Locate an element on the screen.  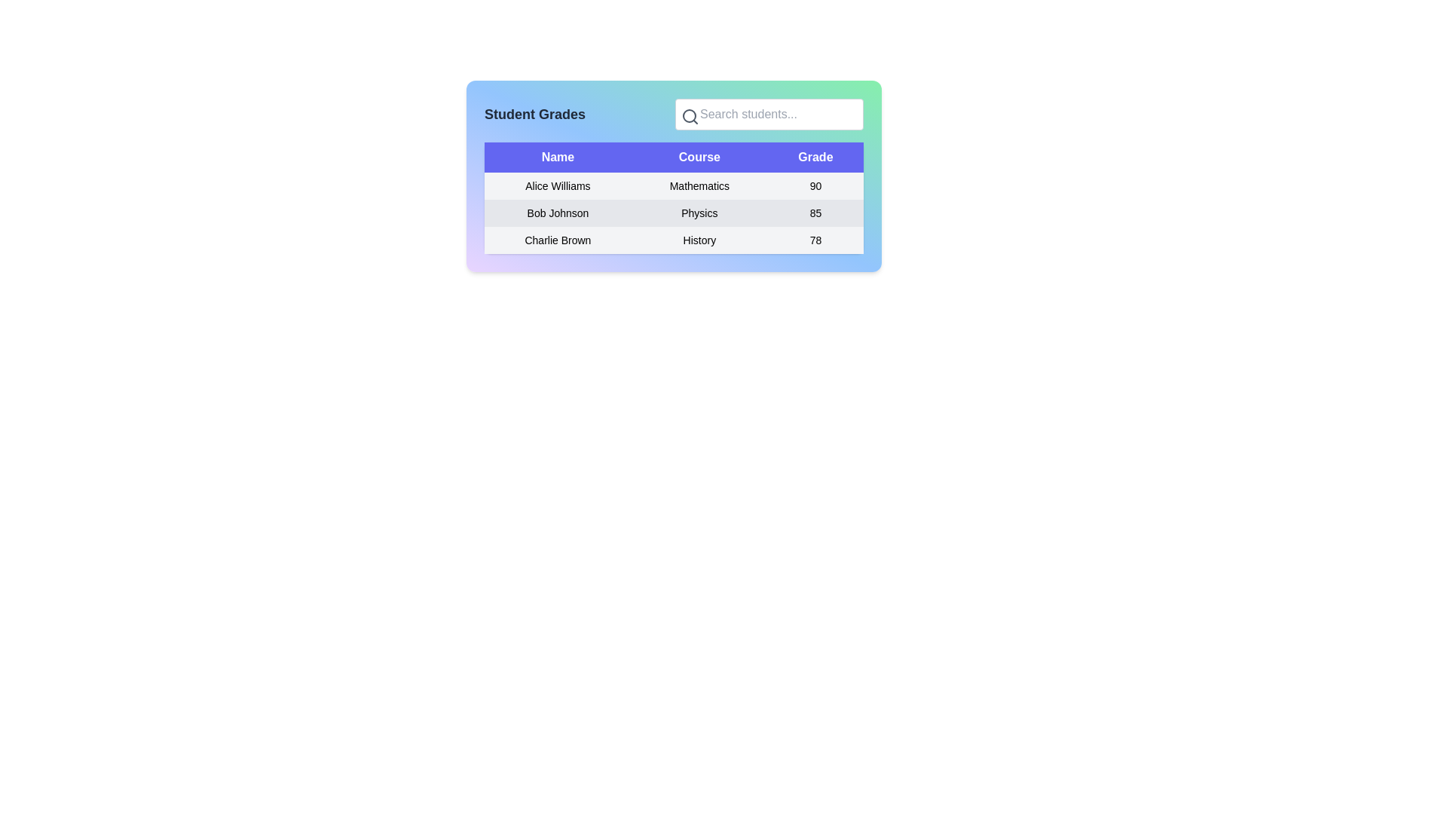
the static text label 'Course' in the table header, which is styled with bold white font on a purple background and is the second element between 'Name' and 'Grade' is located at coordinates (699, 157).